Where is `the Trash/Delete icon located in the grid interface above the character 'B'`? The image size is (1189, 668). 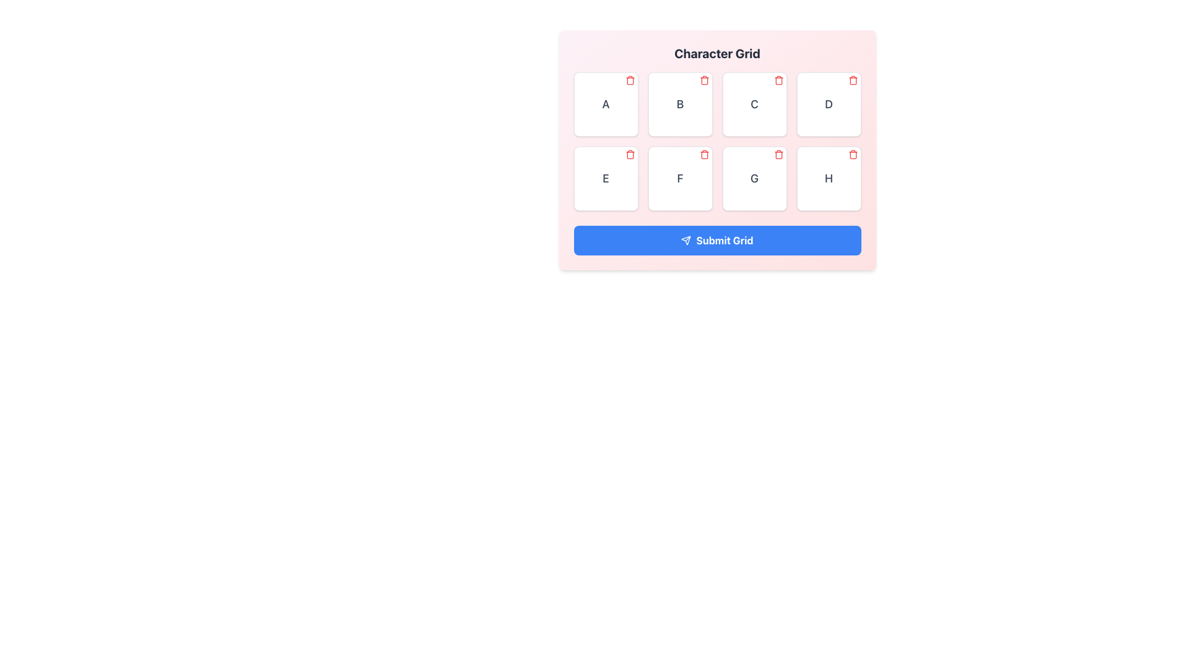
the Trash/Delete icon located in the grid interface above the character 'B' is located at coordinates (704, 81).